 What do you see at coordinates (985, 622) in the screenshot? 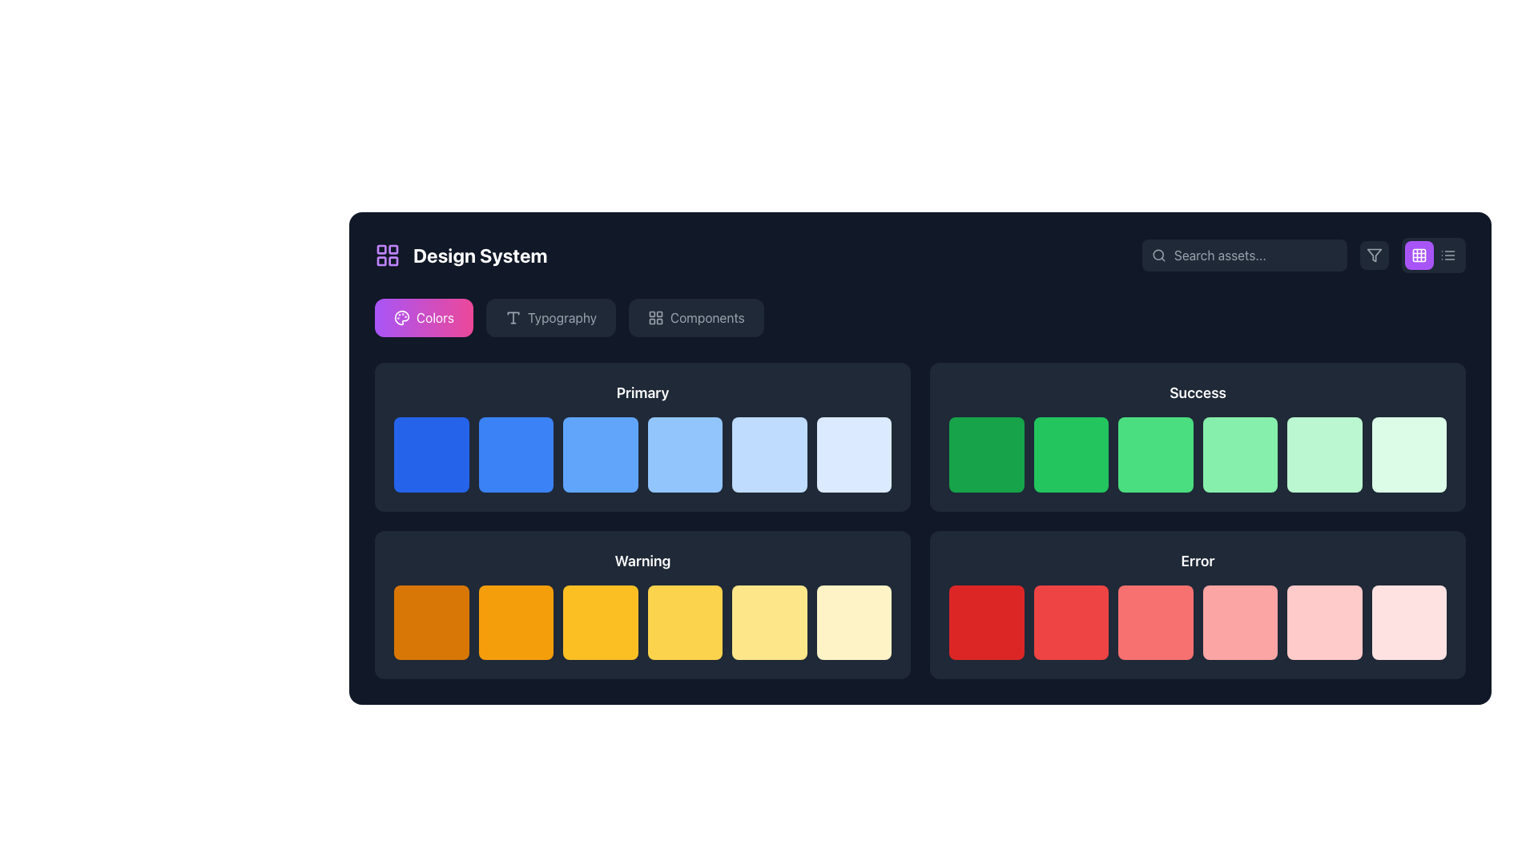
I see `the first interactive color block in the 'Error' category of the color palette interface` at bounding box center [985, 622].